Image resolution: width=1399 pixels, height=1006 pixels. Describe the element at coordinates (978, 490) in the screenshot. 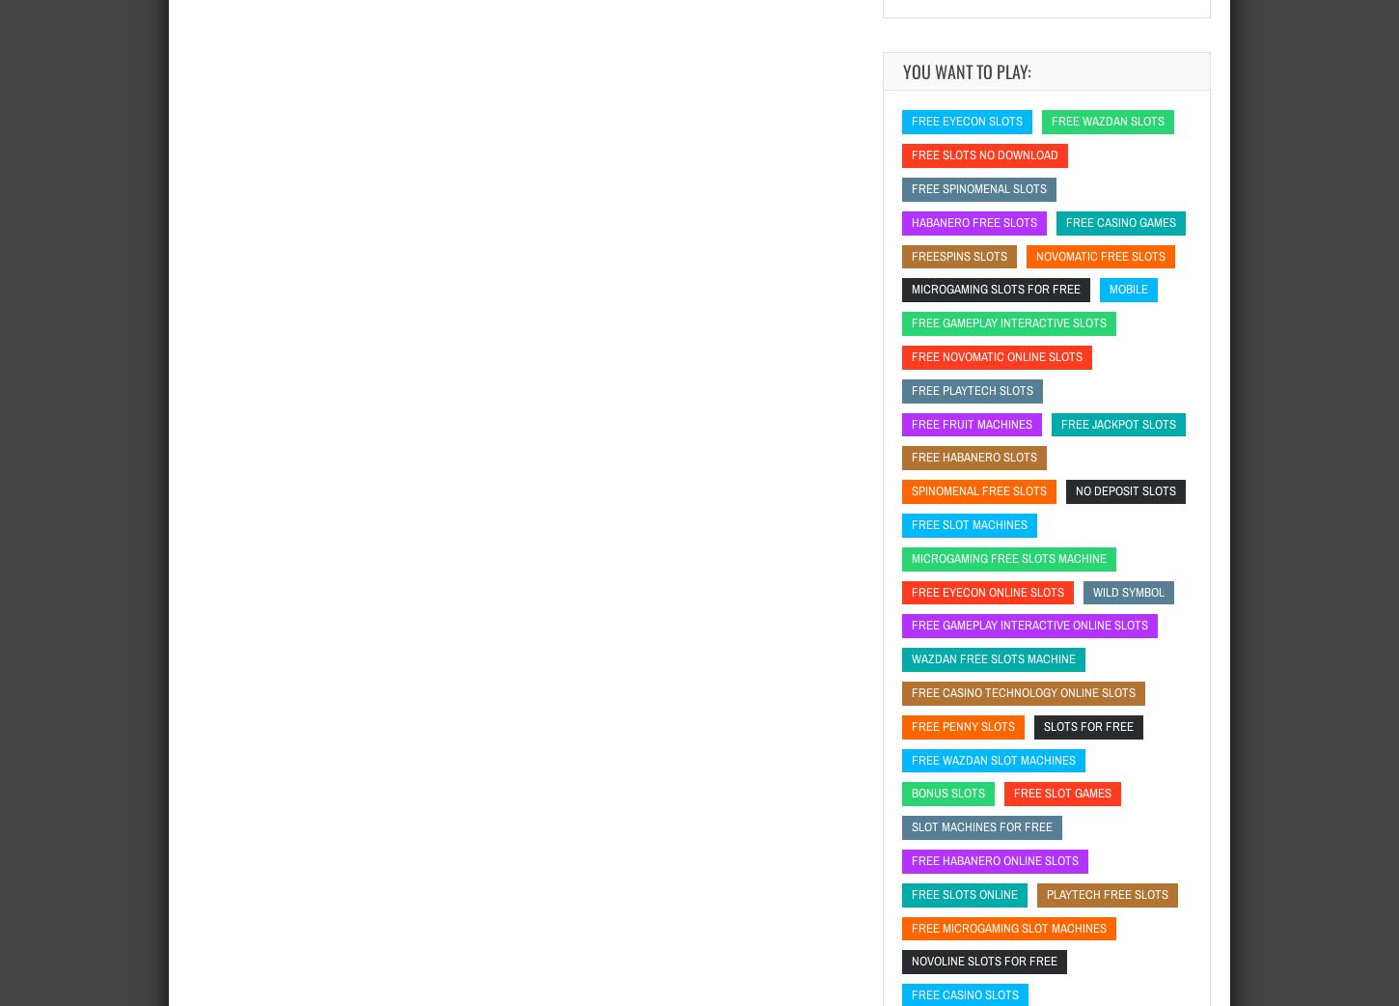

I see `'Spinomenal free slots'` at that location.